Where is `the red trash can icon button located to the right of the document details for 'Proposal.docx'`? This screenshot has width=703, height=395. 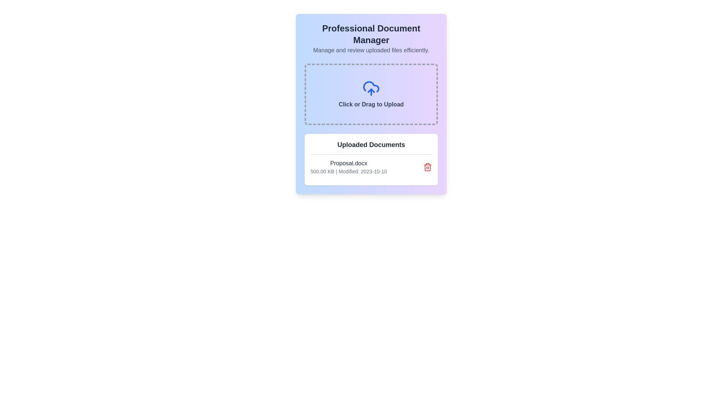 the red trash can icon button located to the right of the document details for 'Proposal.docx' is located at coordinates (427, 167).